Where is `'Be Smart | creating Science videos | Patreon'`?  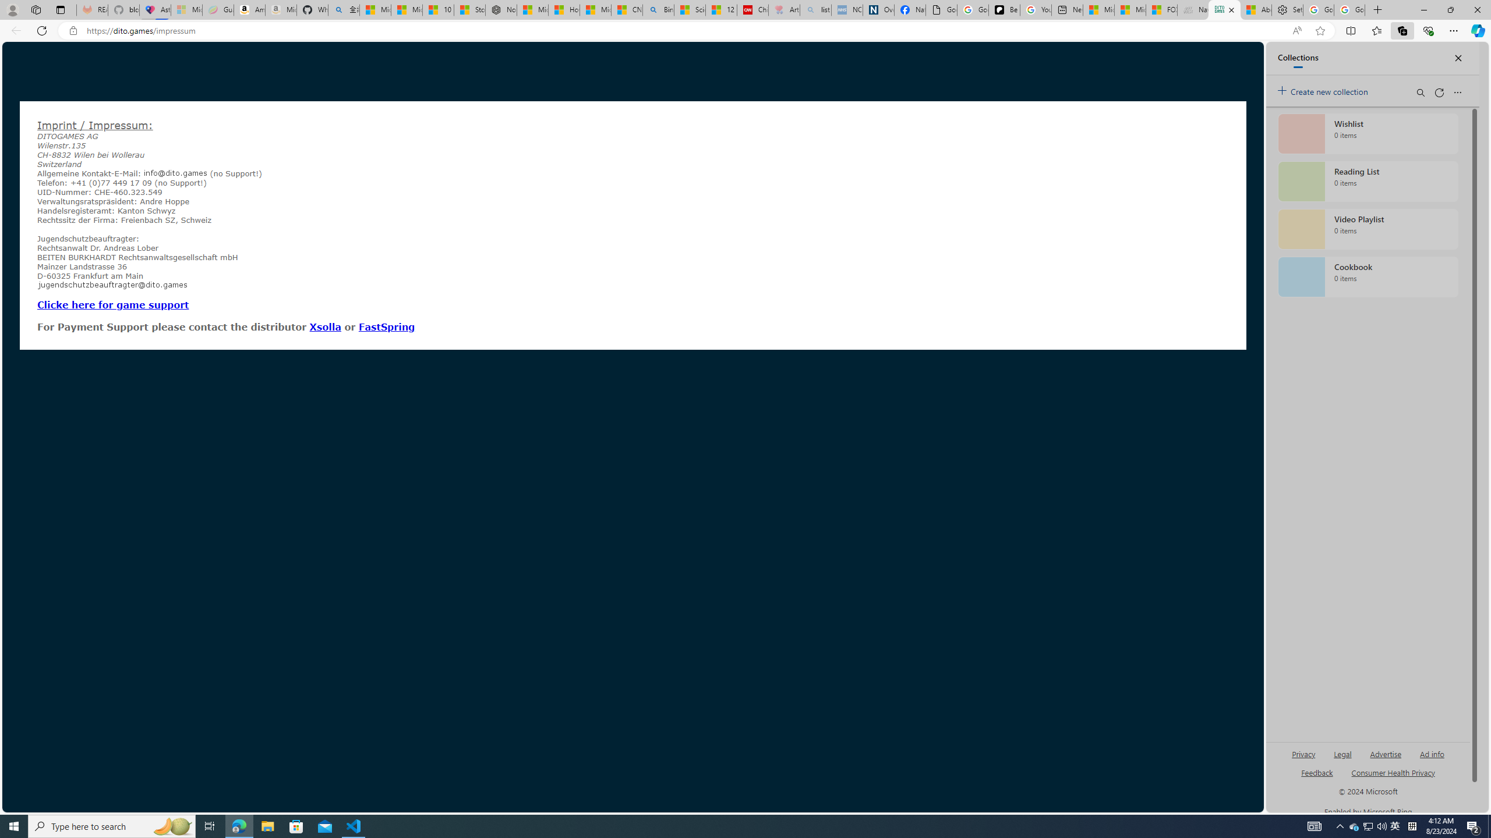
'Be Smart | creating Science videos | Patreon' is located at coordinates (1004, 9).